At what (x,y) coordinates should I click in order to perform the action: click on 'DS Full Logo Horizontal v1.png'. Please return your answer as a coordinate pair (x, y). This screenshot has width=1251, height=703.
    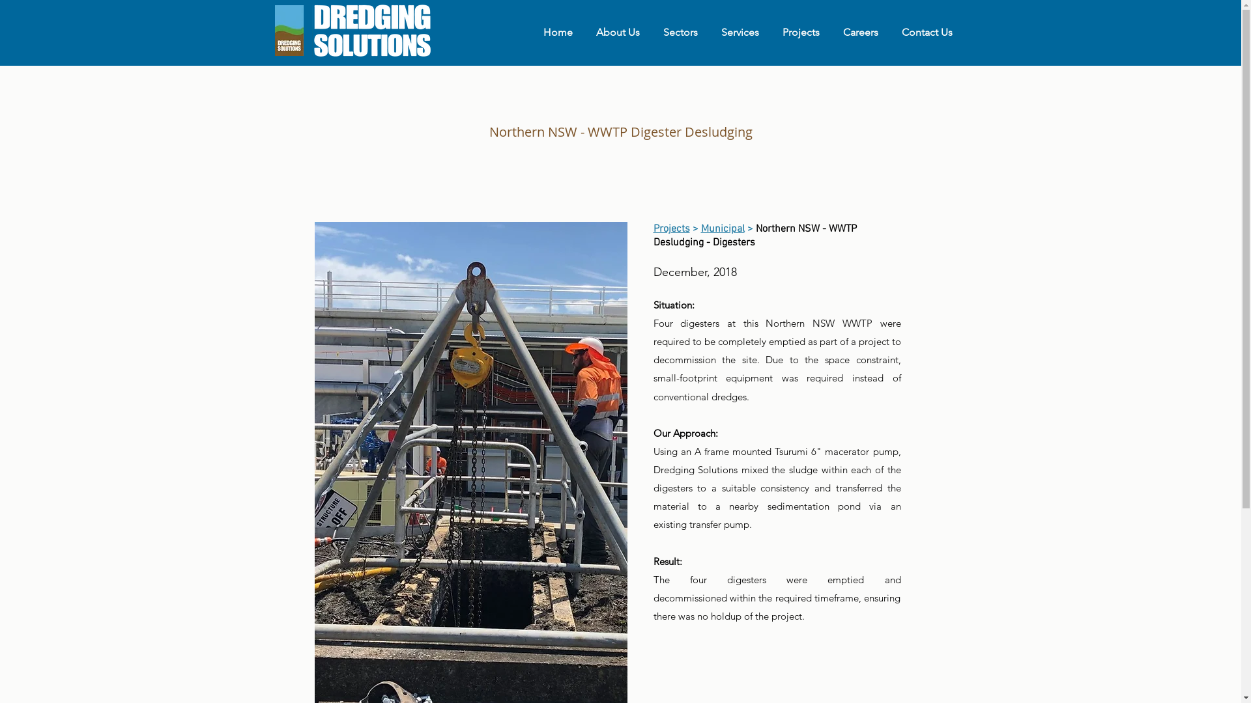
    Looking at the image, I should click on (370, 29).